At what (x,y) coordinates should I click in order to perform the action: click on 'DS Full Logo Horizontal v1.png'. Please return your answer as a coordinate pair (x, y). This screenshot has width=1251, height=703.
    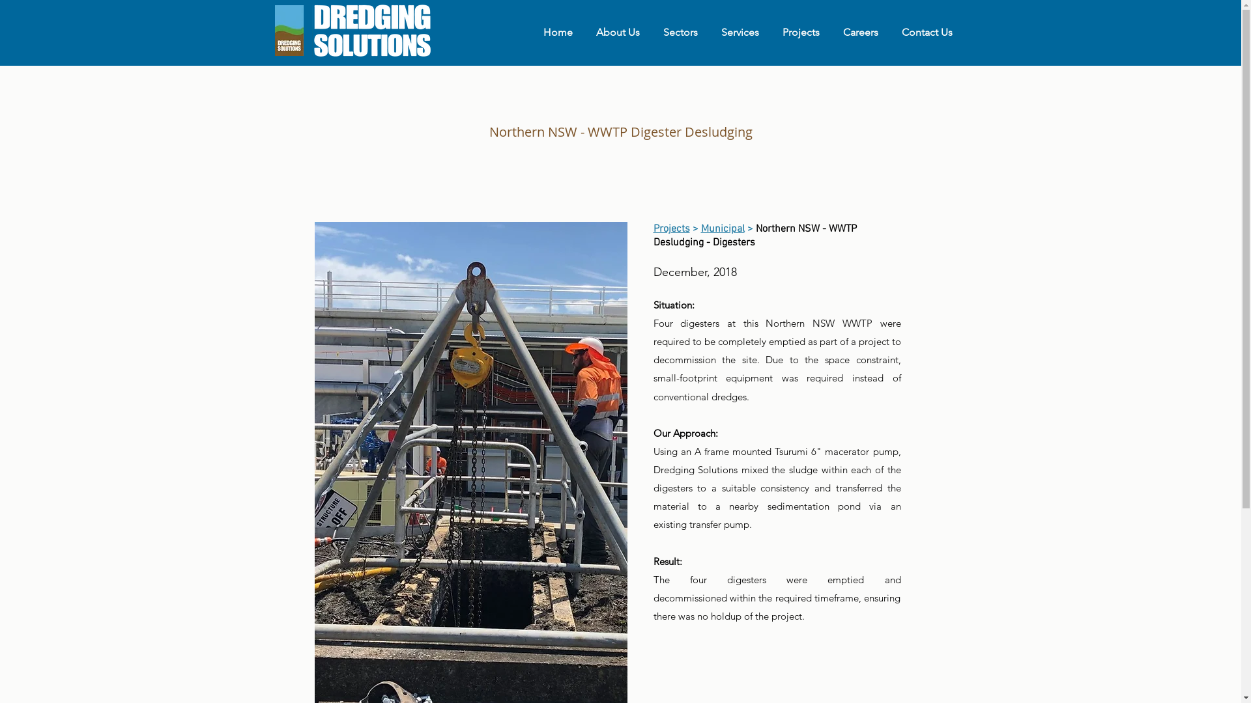
    Looking at the image, I should click on (370, 29).